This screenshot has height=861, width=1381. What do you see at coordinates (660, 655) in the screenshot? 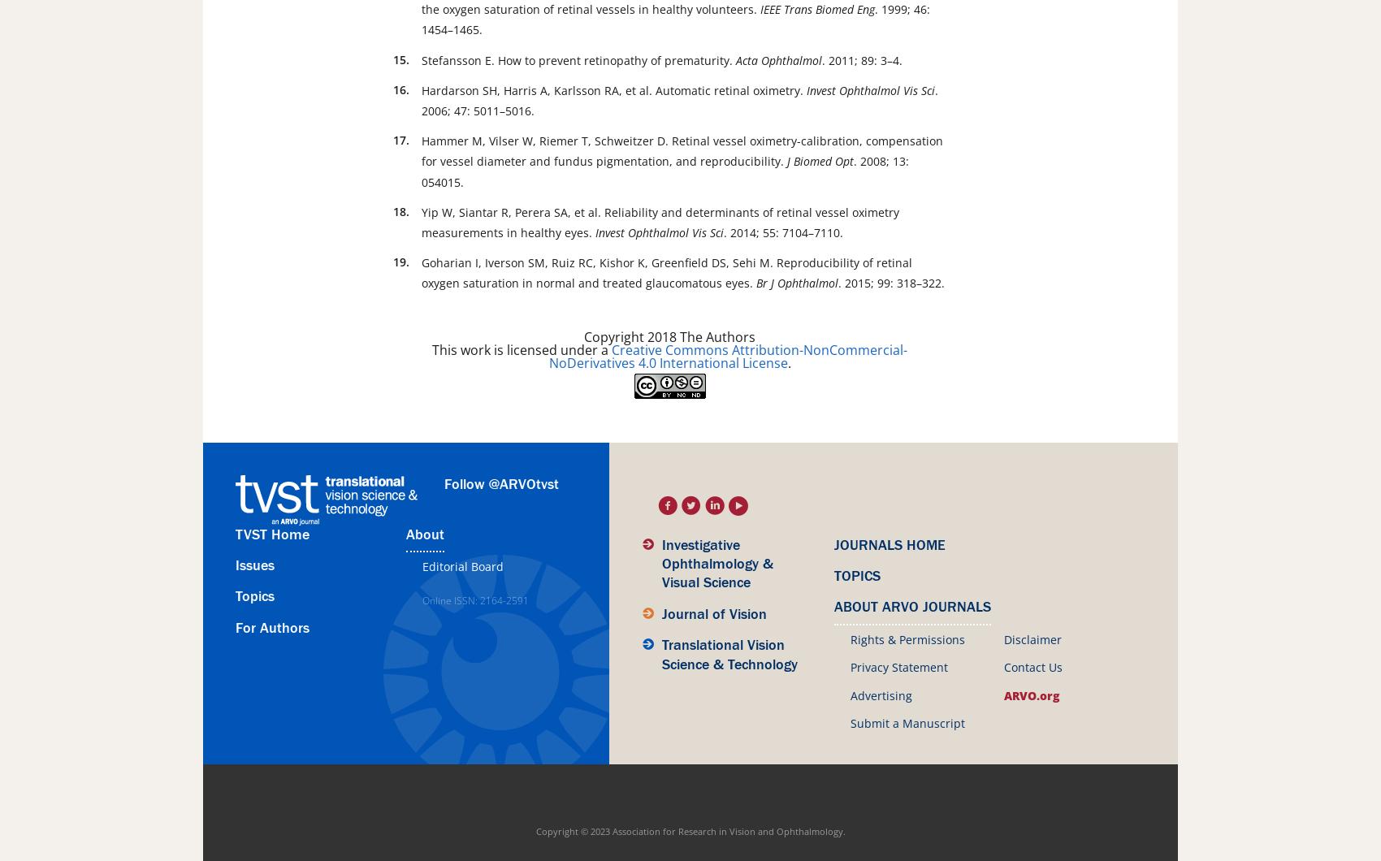
I see `'Translational Vision Science & Technology'` at bounding box center [660, 655].